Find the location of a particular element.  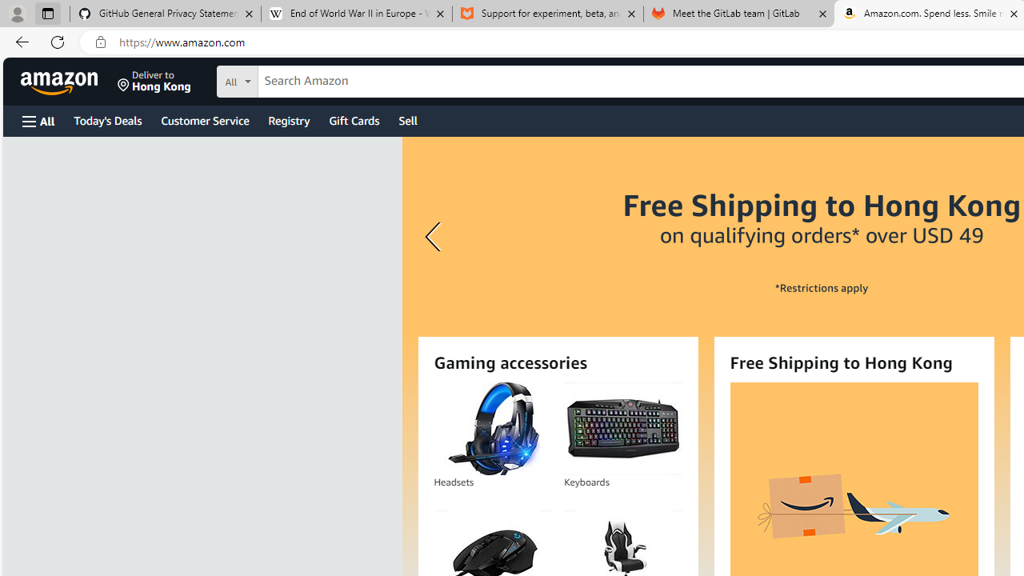

'Registry' is located at coordinates (288, 119).